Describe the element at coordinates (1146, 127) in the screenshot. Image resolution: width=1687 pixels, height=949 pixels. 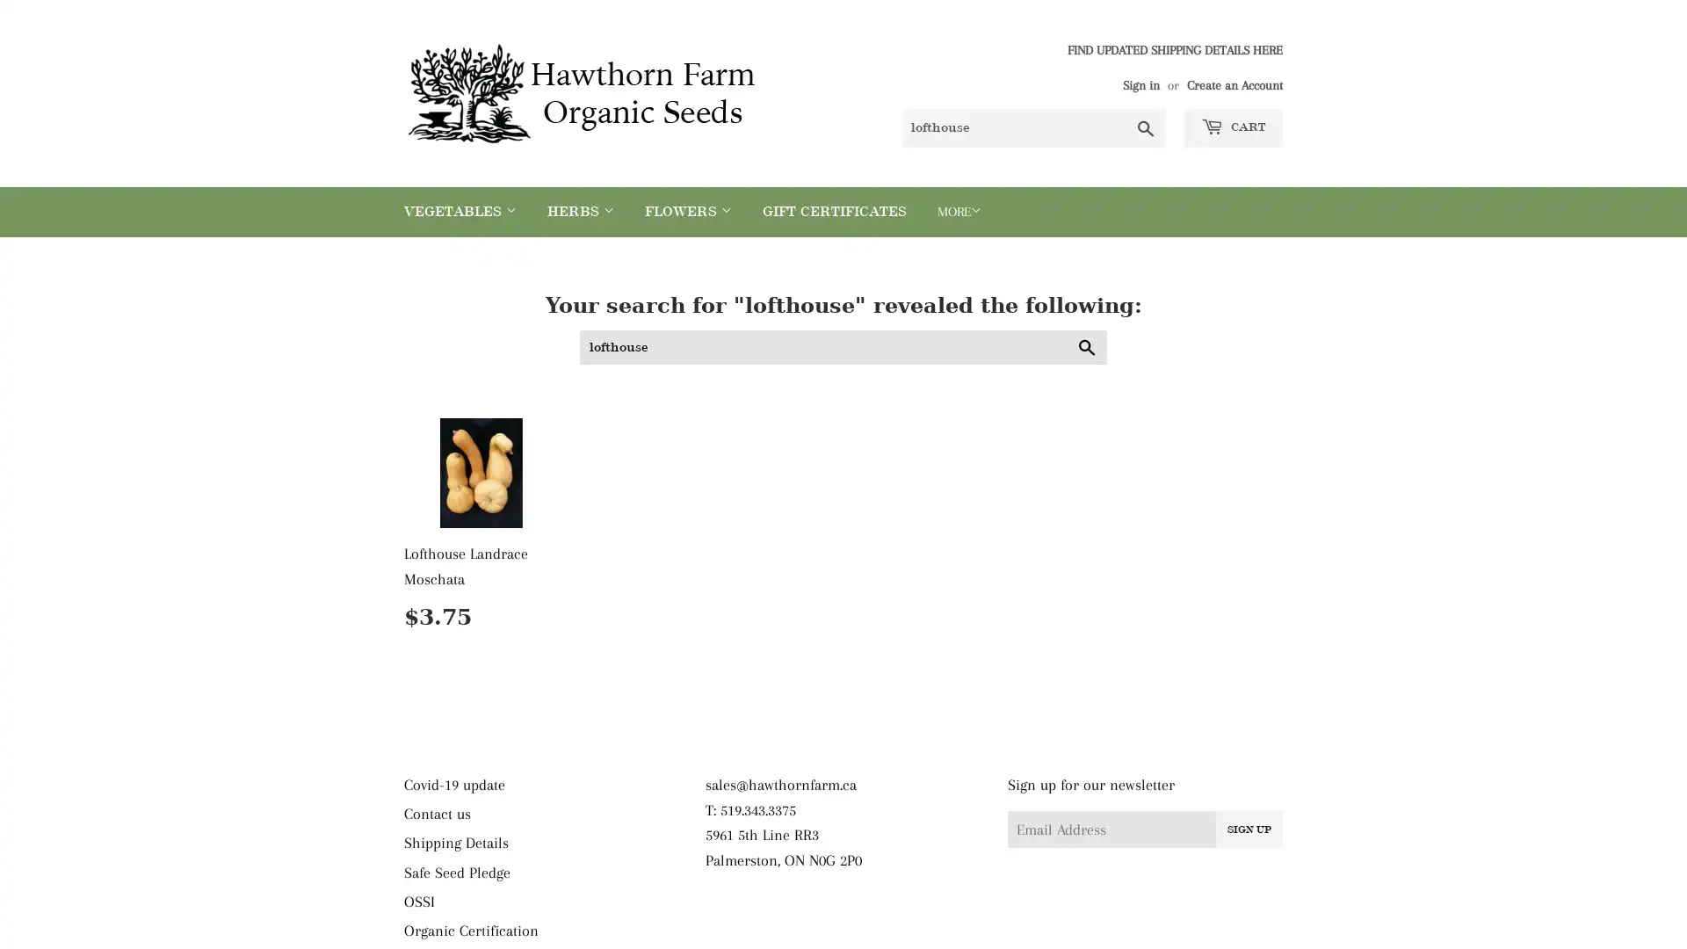
I see `Search` at that location.